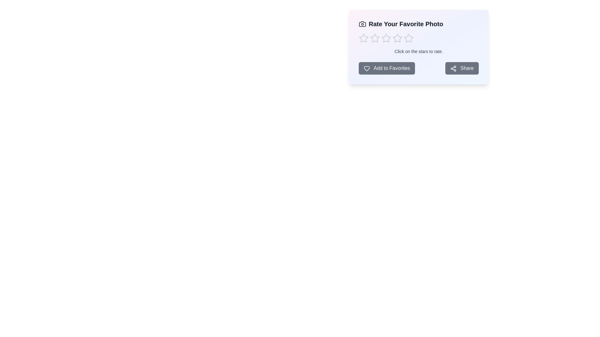  Describe the element at coordinates (409, 38) in the screenshot. I see `the fifth star icon to rate the item in the 'Rate Your Favorite Photo' section` at that location.